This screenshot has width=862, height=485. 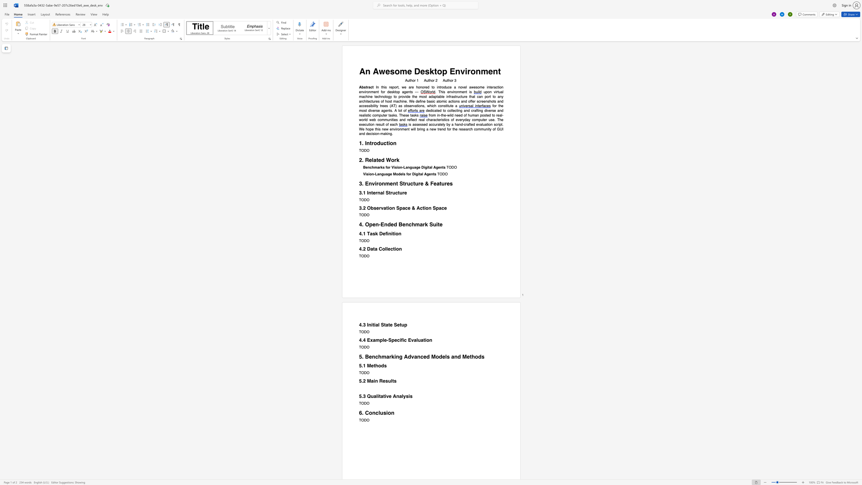 I want to click on the space between the continuous character "n" and "v" in the text, so click(x=394, y=129).